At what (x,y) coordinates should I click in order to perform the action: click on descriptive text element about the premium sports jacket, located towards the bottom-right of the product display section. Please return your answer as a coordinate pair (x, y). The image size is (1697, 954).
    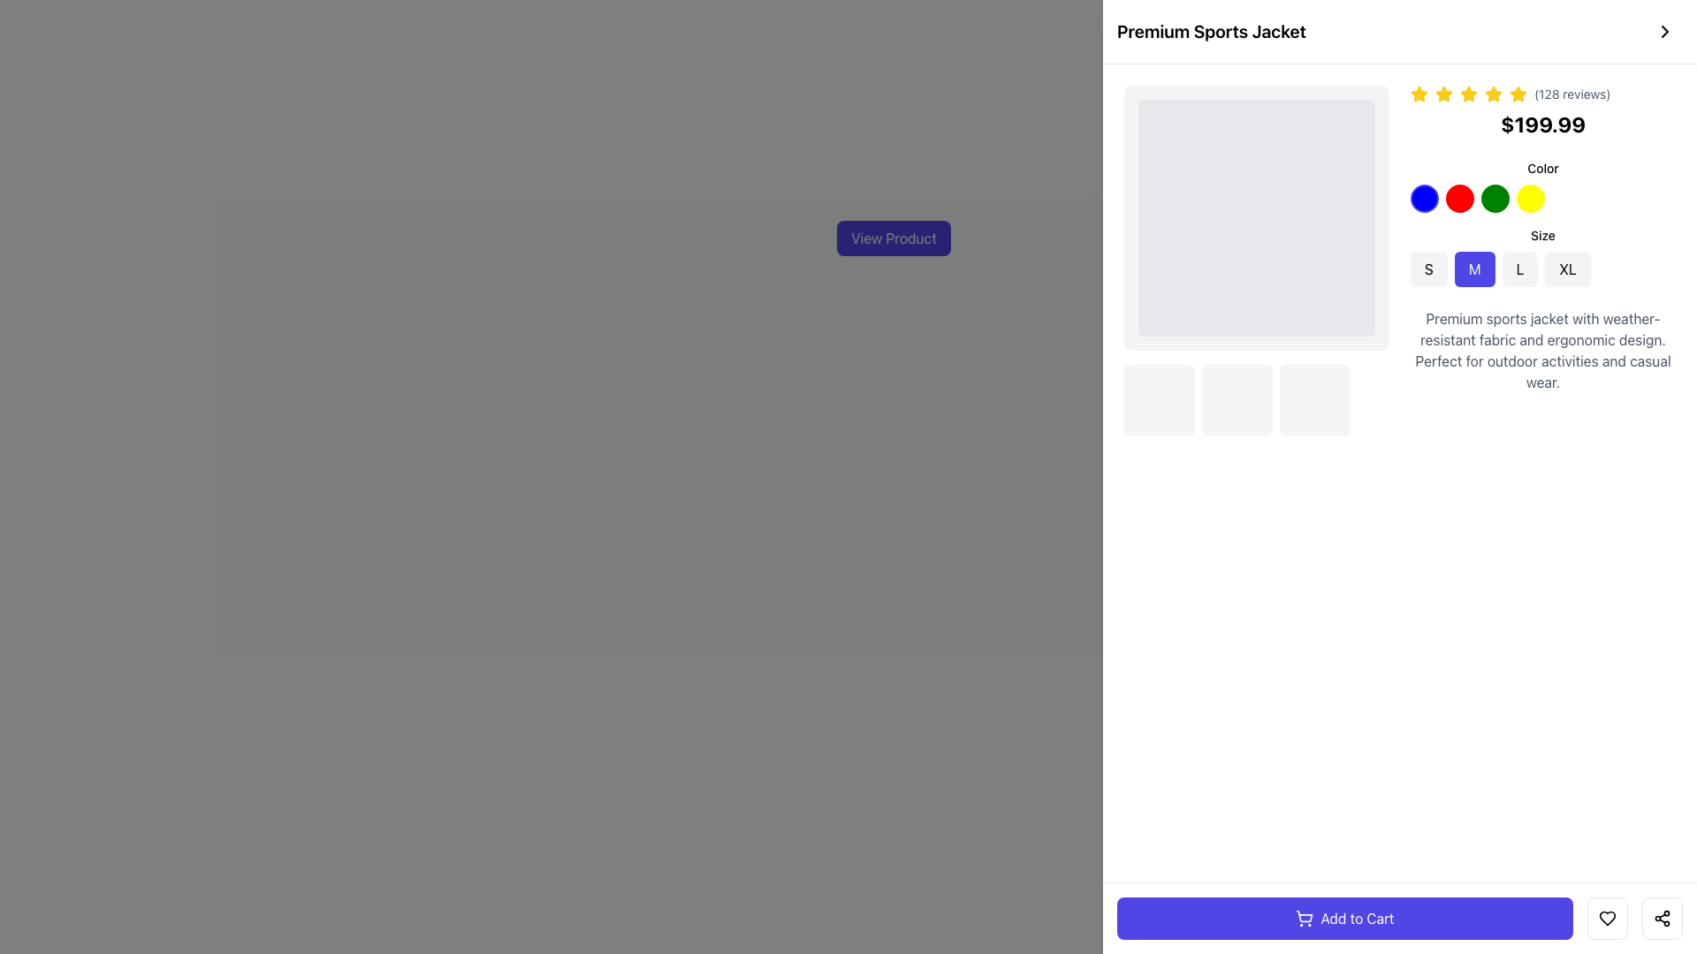
    Looking at the image, I should click on (1542, 351).